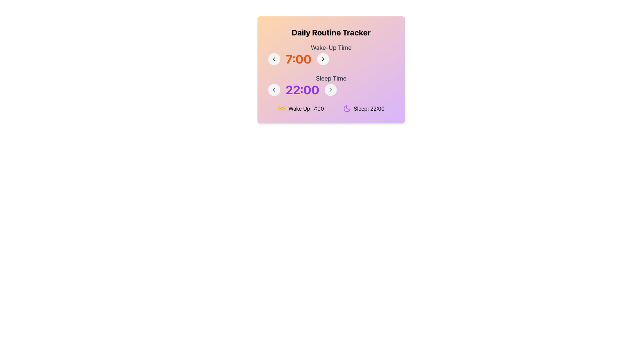  I want to click on the decrement button located to the left of the '22:00' sleep time label to reduce the displayed sleep time, so click(274, 90).